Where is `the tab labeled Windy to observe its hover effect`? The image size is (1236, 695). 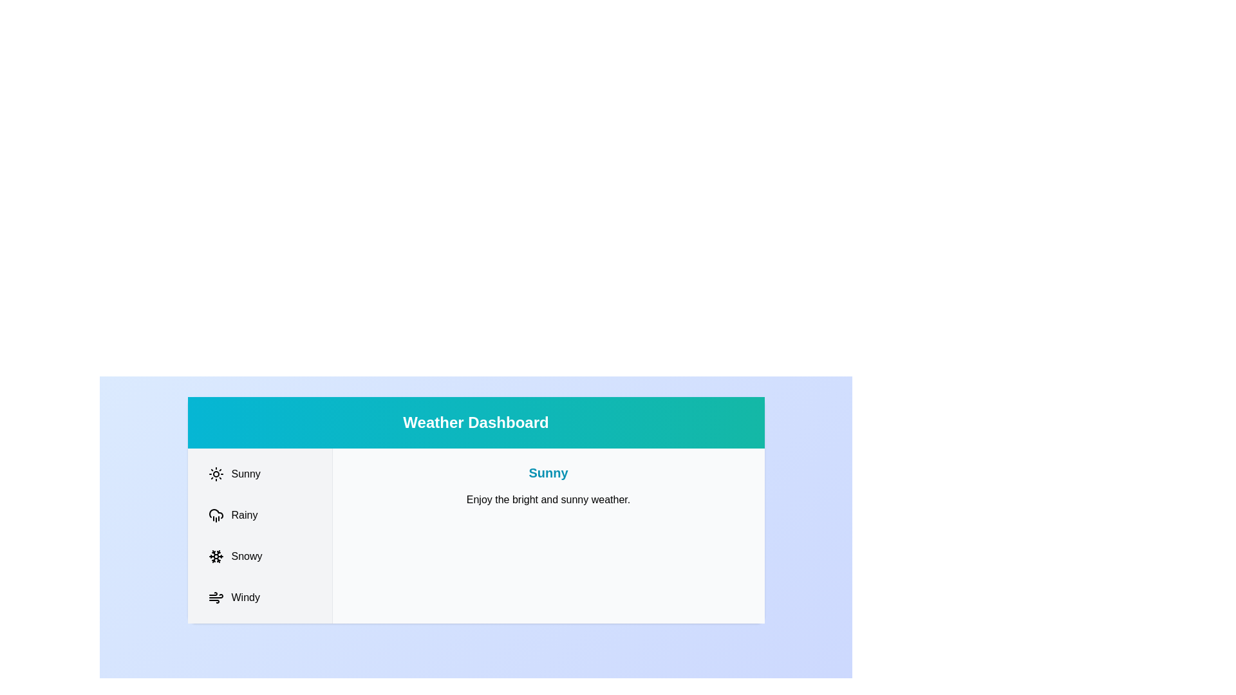 the tab labeled Windy to observe its hover effect is located at coordinates (259, 598).